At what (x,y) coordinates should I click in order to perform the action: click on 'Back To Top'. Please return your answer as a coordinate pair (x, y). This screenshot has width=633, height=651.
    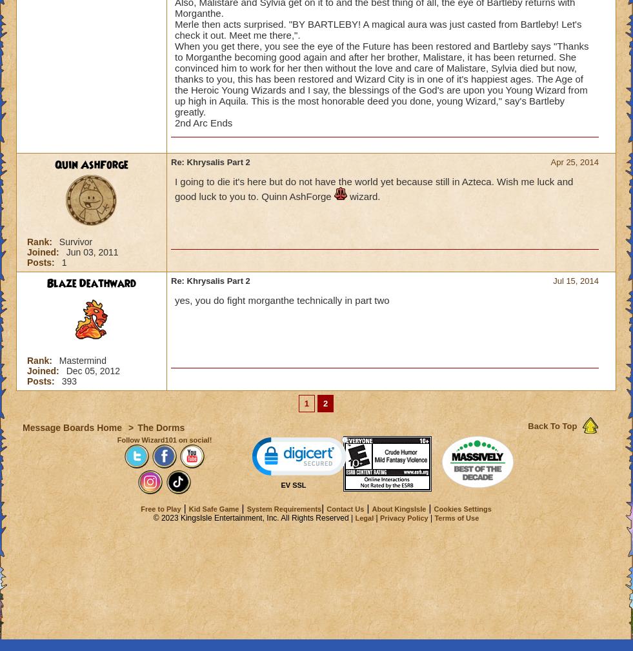
    Looking at the image, I should click on (552, 426).